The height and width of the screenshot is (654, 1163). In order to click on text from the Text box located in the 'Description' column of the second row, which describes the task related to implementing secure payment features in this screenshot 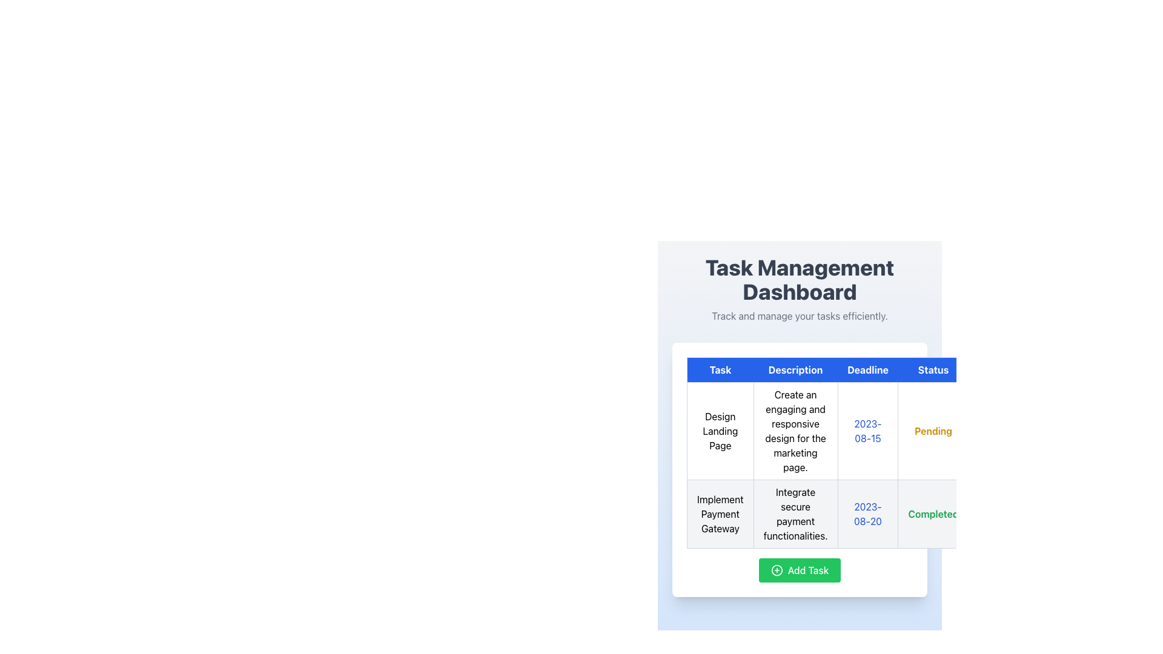, I will do `click(795, 514)`.